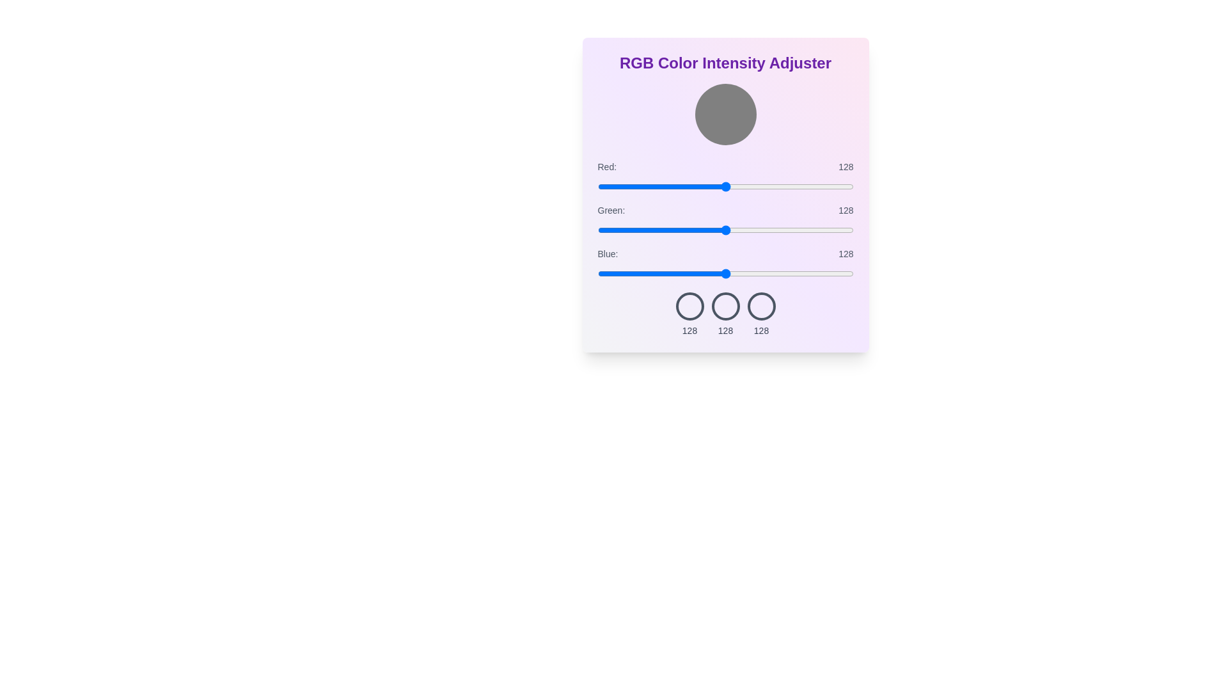  I want to click on the blue slider to 81, so click(678, 273).